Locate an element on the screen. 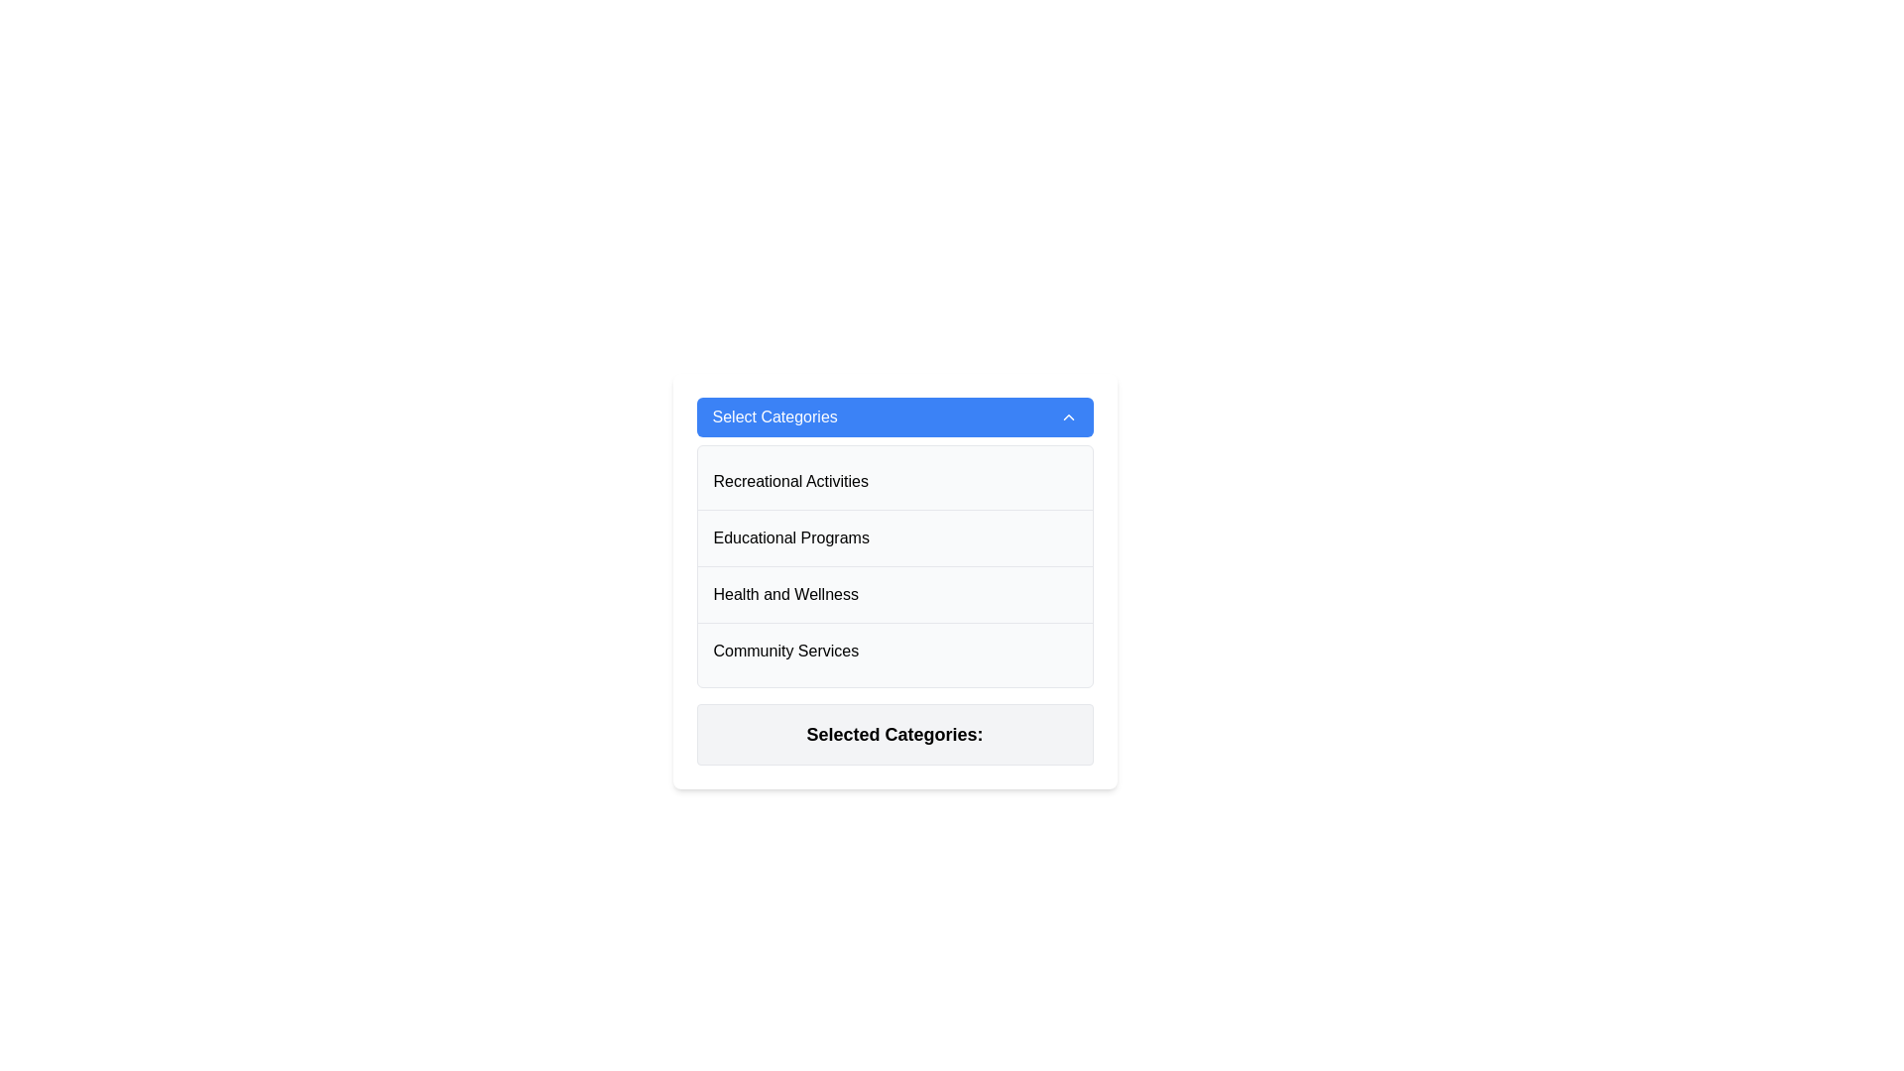  the upward-facing chevron icon located at the far right side of the header area within the blue bar labeled 'Select Categories' is located at coordinates (1067, 416).